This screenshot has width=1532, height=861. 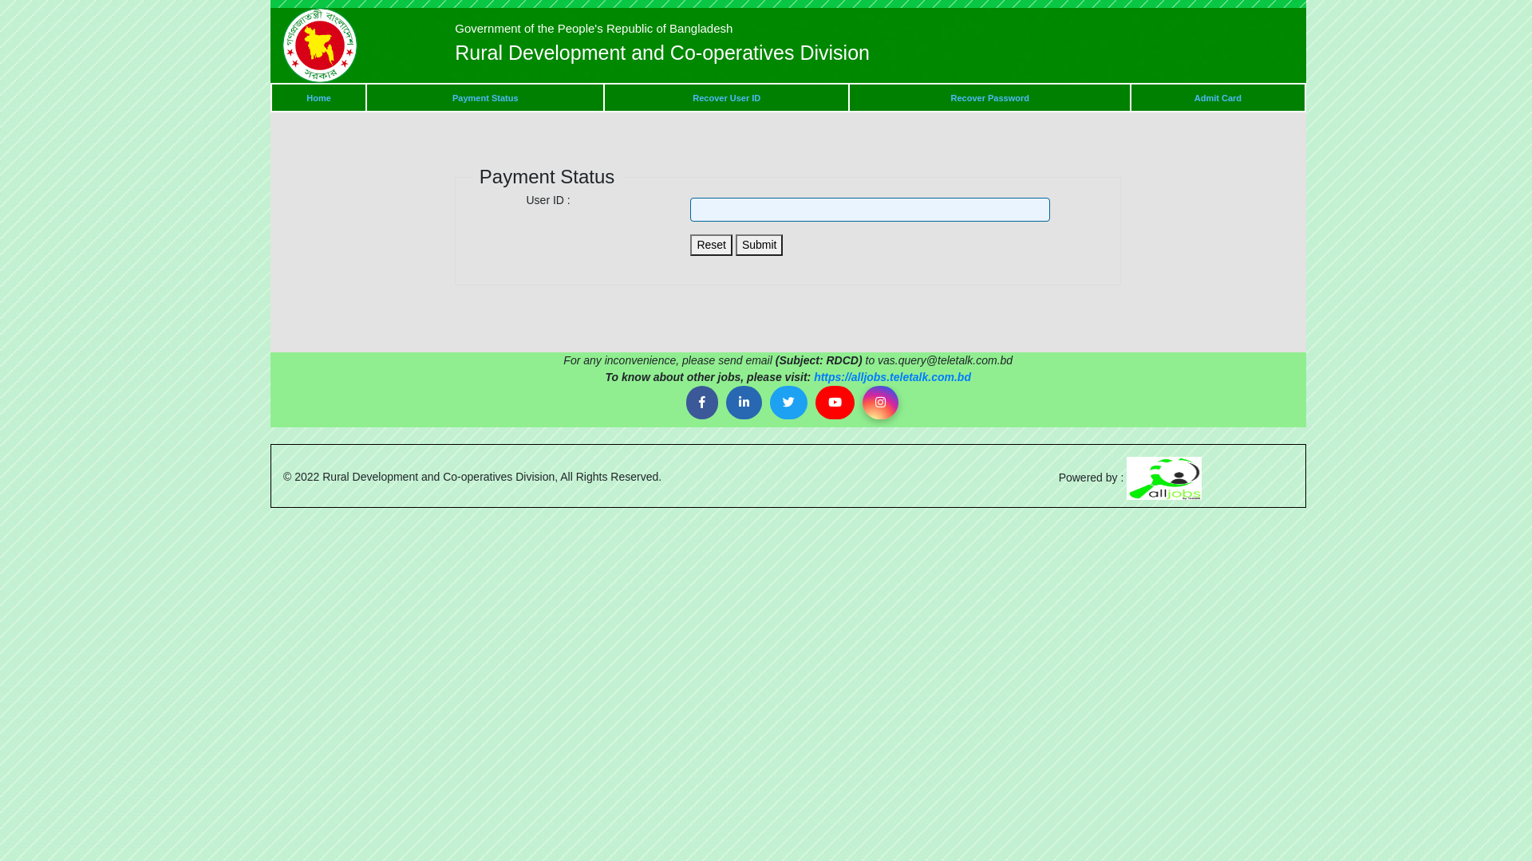 What do you see at coordinates (710, 245) in the screenshot?
I see `'Reset'` at bounding box center [710, 245].